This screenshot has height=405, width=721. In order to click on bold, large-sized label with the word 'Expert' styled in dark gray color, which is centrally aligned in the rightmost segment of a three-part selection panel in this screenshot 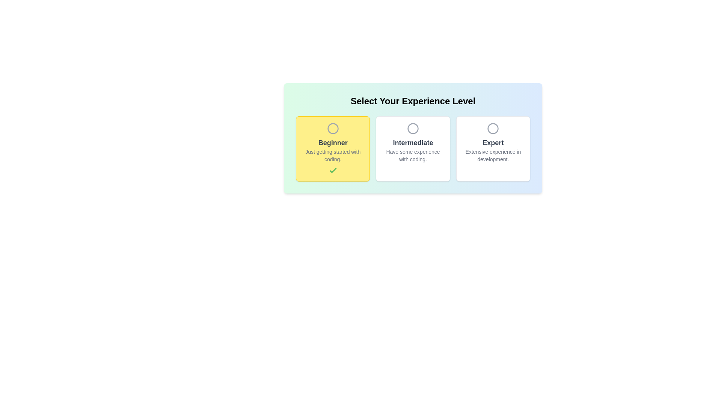, I will do `click(493, 143)`.